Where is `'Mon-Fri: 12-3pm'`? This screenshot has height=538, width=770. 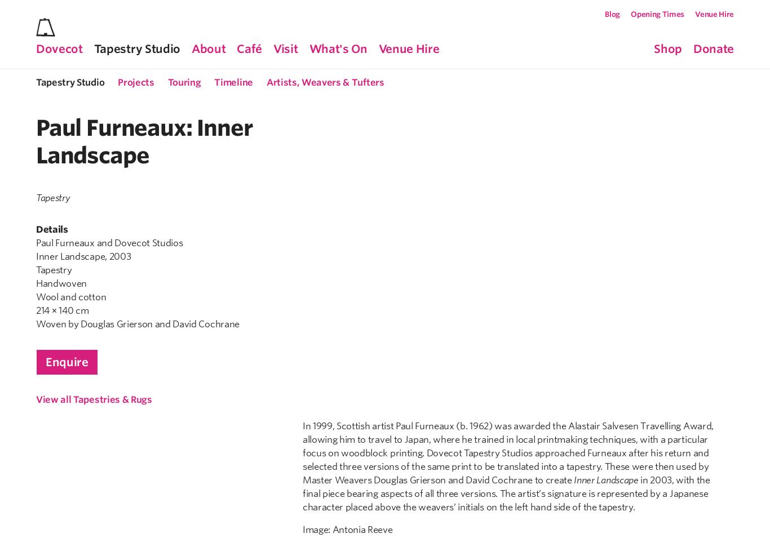
'Mon-Fri: 12-3pm' is located at coordinates (66, 454).